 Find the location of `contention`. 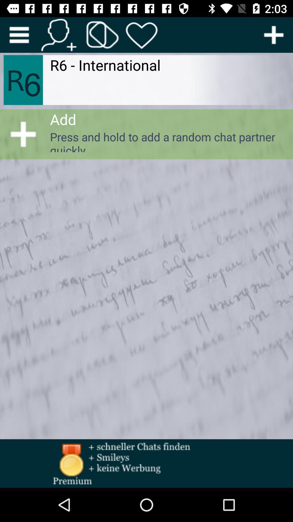

contention is located at coordinates (59, 35).